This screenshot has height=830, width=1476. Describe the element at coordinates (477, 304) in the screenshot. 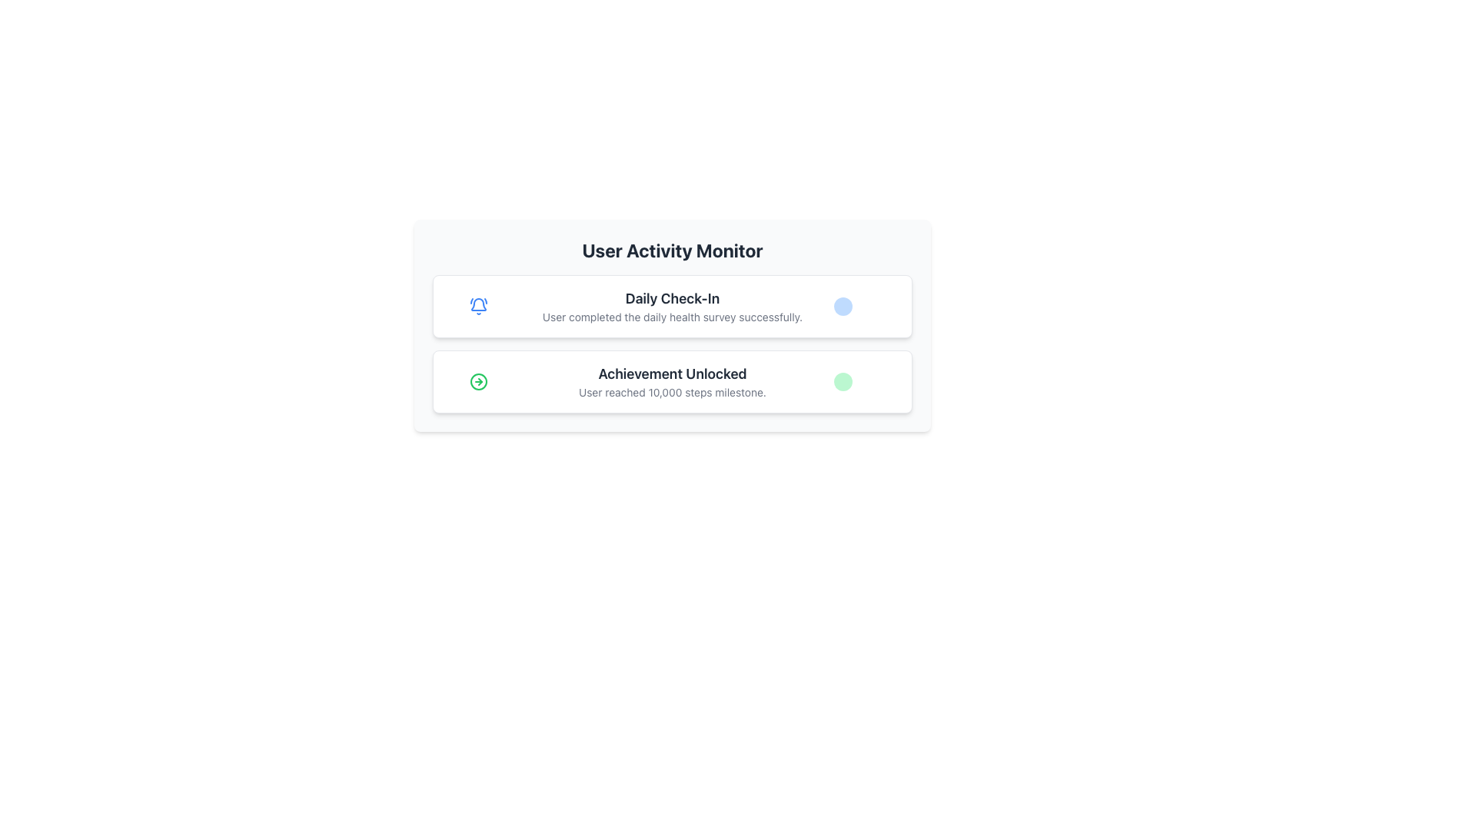

I see `the notification icon in the 'User Activity Monitor' section, which is visually centered above two list items` at that location.